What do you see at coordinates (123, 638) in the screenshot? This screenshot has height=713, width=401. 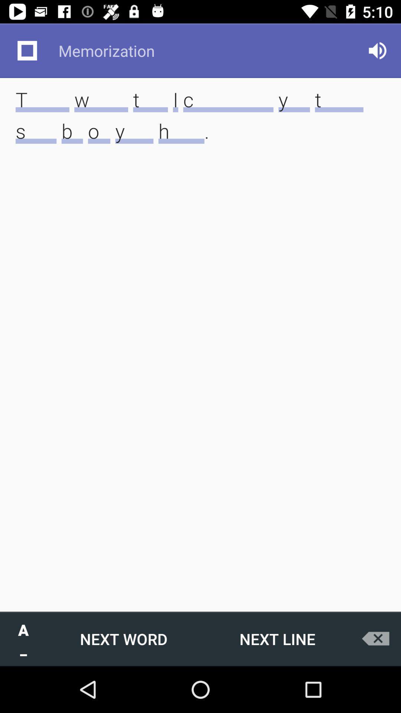 I see `the icon next to the a` at bounding box center [123, 638].